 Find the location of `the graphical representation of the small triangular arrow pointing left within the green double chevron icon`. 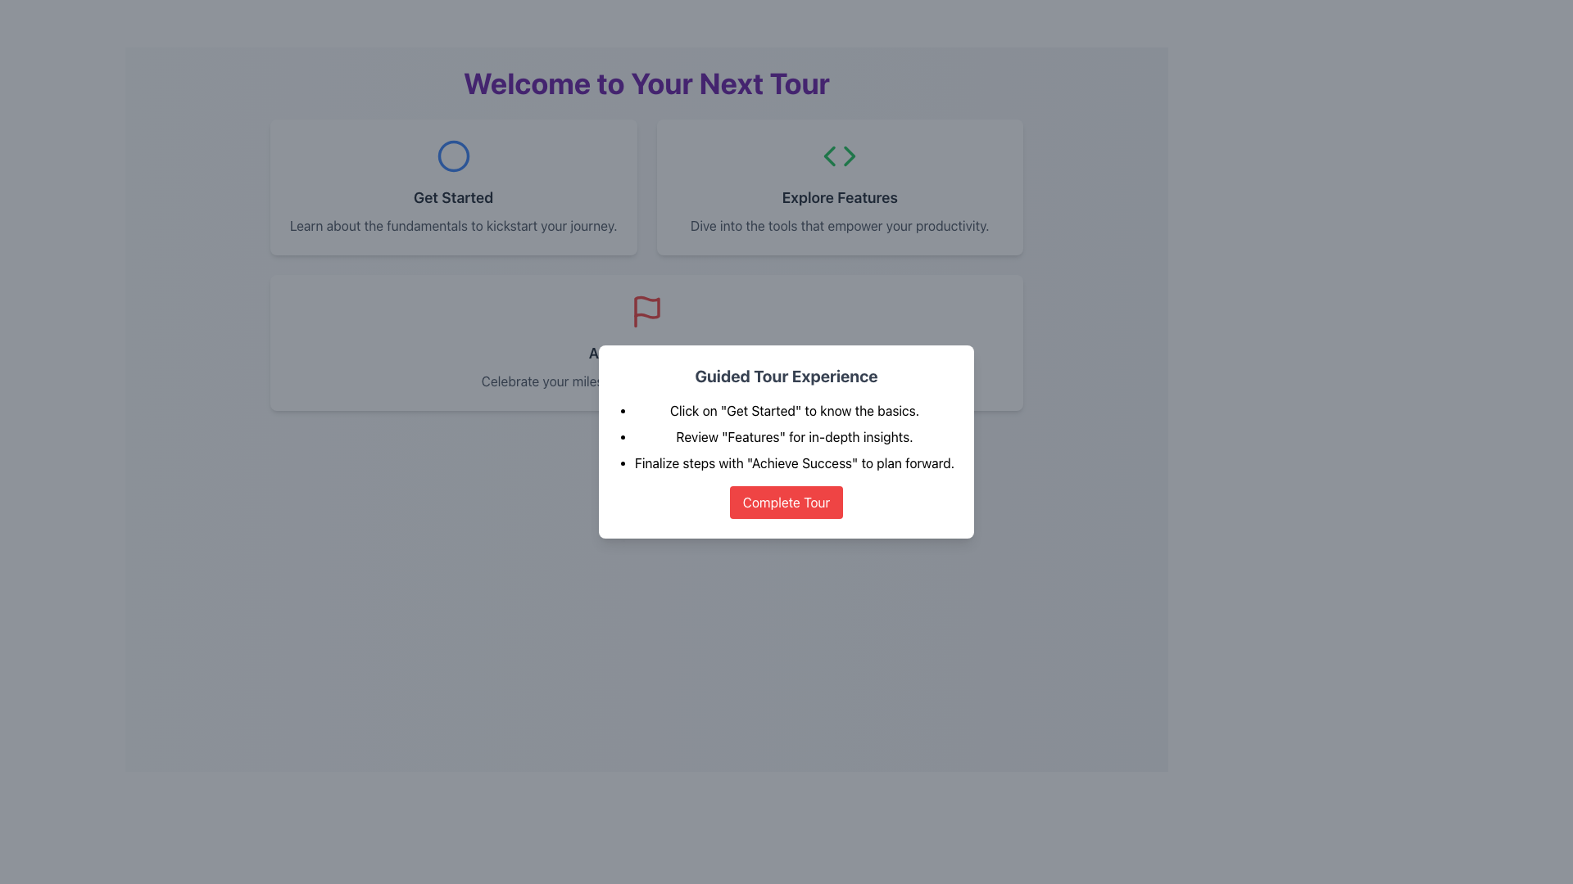

the graphical representation of the small triangular arrow pointing left within the green double chevron icon is located at coordinates (830, 156).